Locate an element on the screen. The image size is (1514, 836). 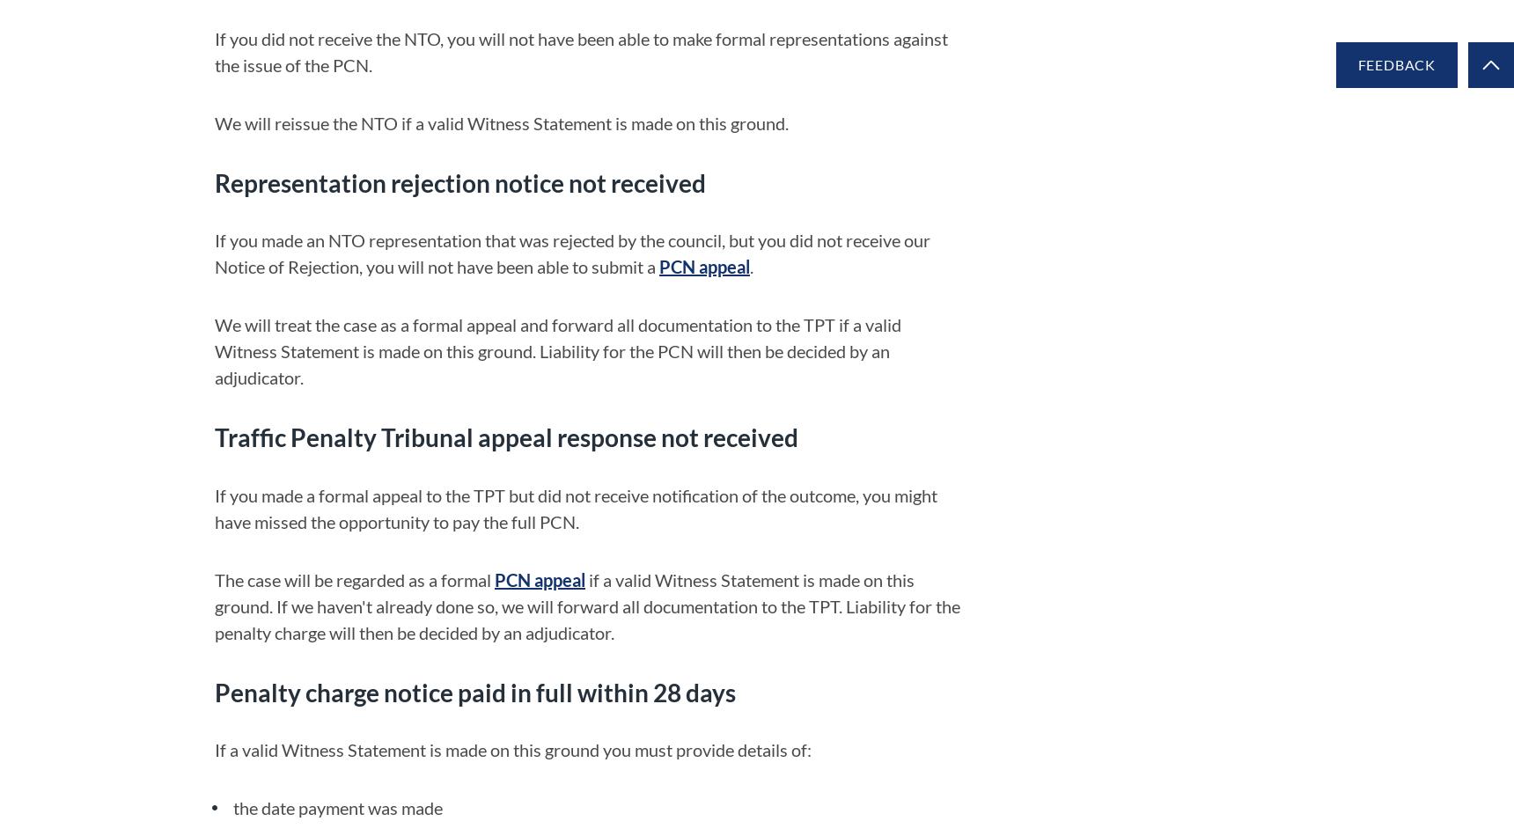
'Traffic Penalty Tribunal appeal response not received' is located at coordinates (215, 437).